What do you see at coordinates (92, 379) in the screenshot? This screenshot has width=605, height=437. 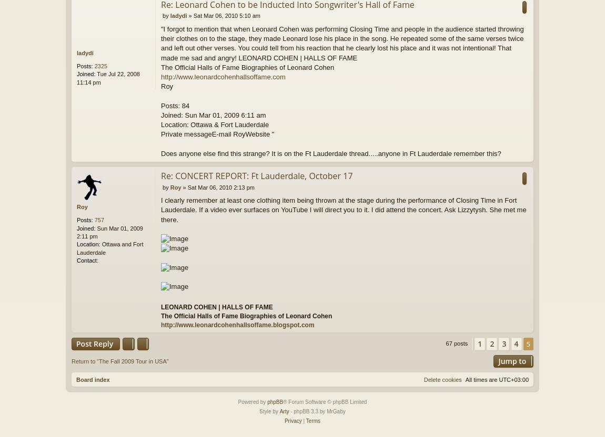 I see `'Board index'` at bounding box center [92, 379].